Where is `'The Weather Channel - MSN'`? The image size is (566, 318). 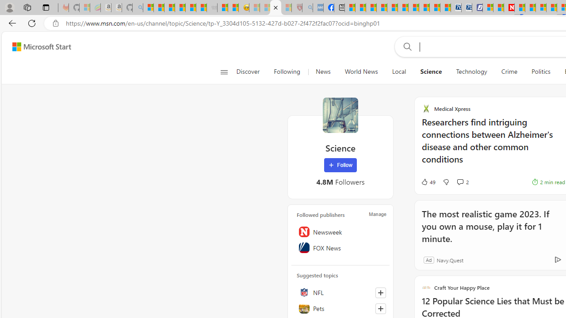
'The Weather Channel - MSN' is located at coordinates (170, 8).